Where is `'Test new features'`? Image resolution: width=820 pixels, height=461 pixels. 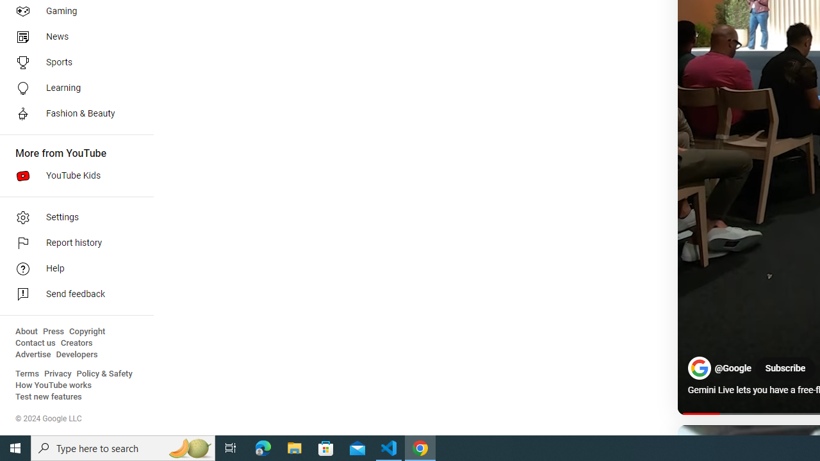
'Test new features' is located at coordinates (49, 396).